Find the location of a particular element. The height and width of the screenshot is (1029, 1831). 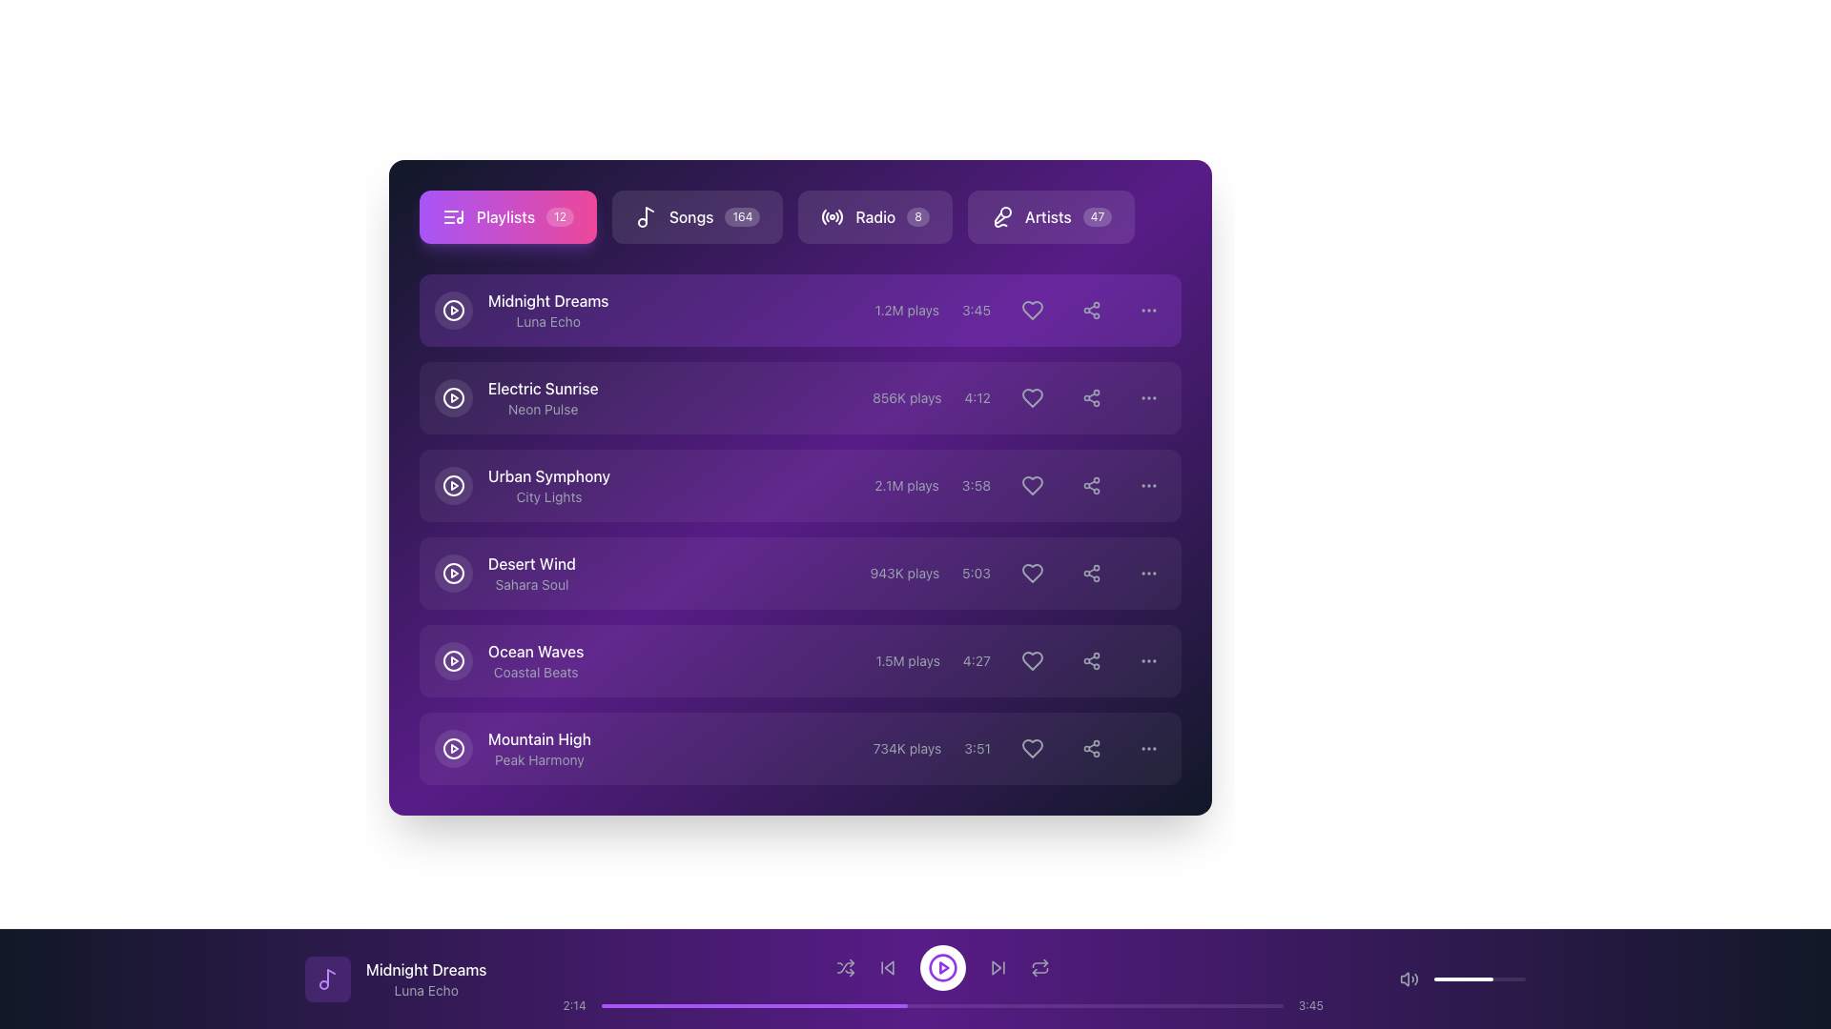

the favorite button for the item 'Midnight Dreams' to change its background shade is located at coordinates (1019, 310).